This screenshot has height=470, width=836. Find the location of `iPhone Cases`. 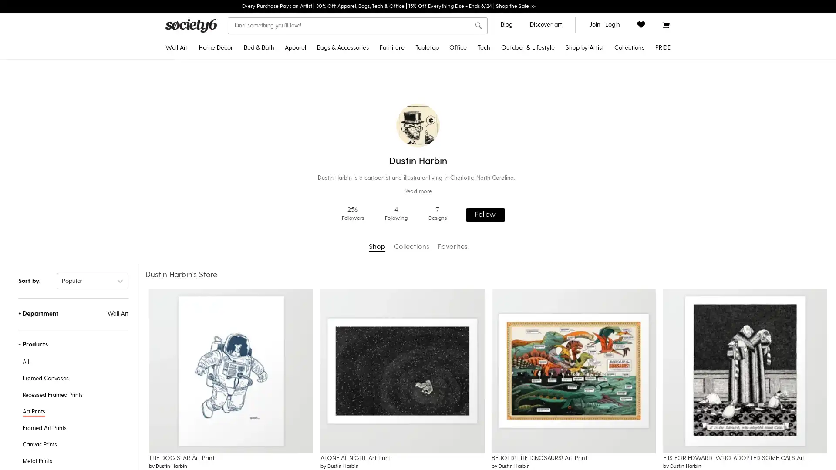

iPhone Cases is located at coordinates (515, 70).